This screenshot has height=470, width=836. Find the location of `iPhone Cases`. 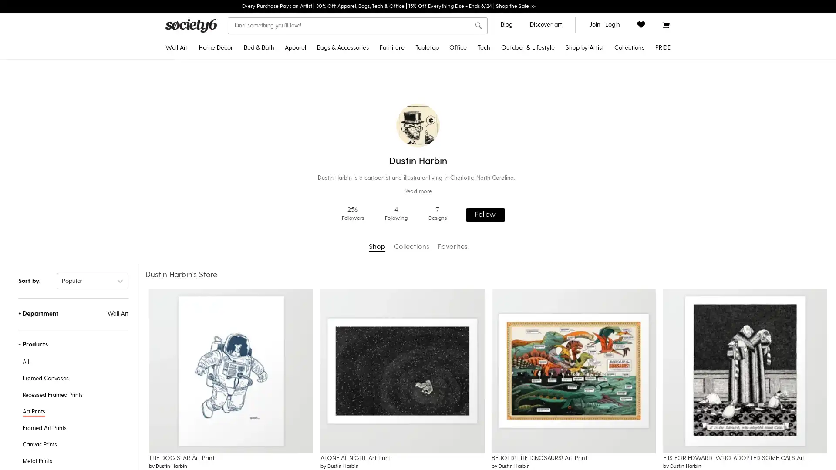

iPhone Cases is located at coordinates (515, 70).